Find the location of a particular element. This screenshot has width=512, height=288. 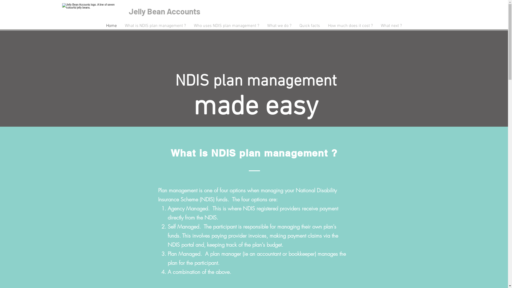

'What is NDIS plan management ?' is located at coordinates (155, 26).